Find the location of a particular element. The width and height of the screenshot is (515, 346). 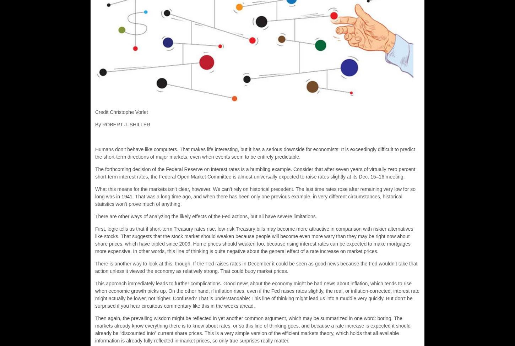

'meeting.' is located at coordinates (394, 176).